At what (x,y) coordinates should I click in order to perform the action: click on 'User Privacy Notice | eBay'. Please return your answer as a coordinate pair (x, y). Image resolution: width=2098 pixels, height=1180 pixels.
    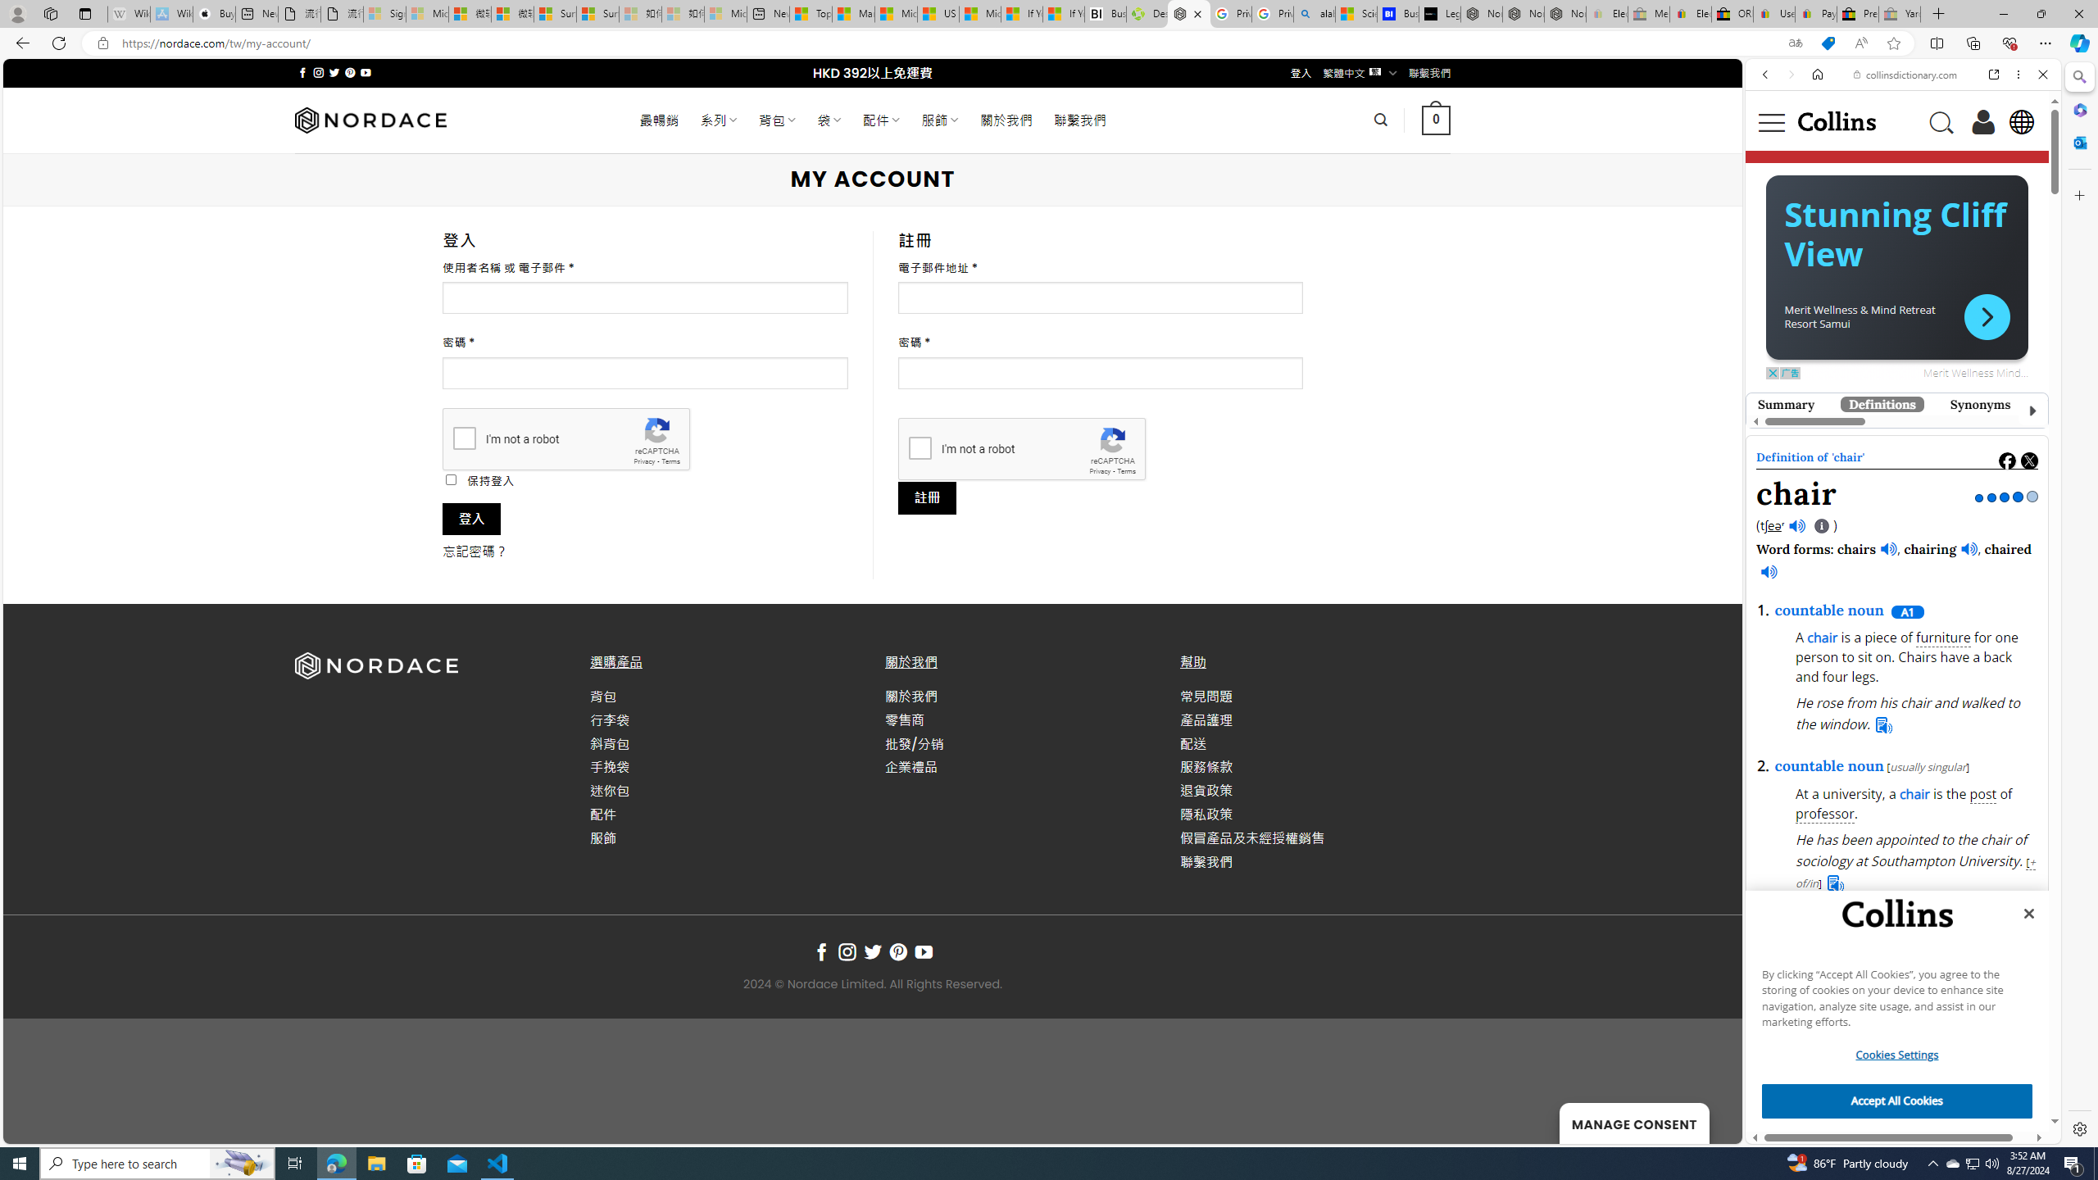
    Looking at the image, I should click on (1773, 13).